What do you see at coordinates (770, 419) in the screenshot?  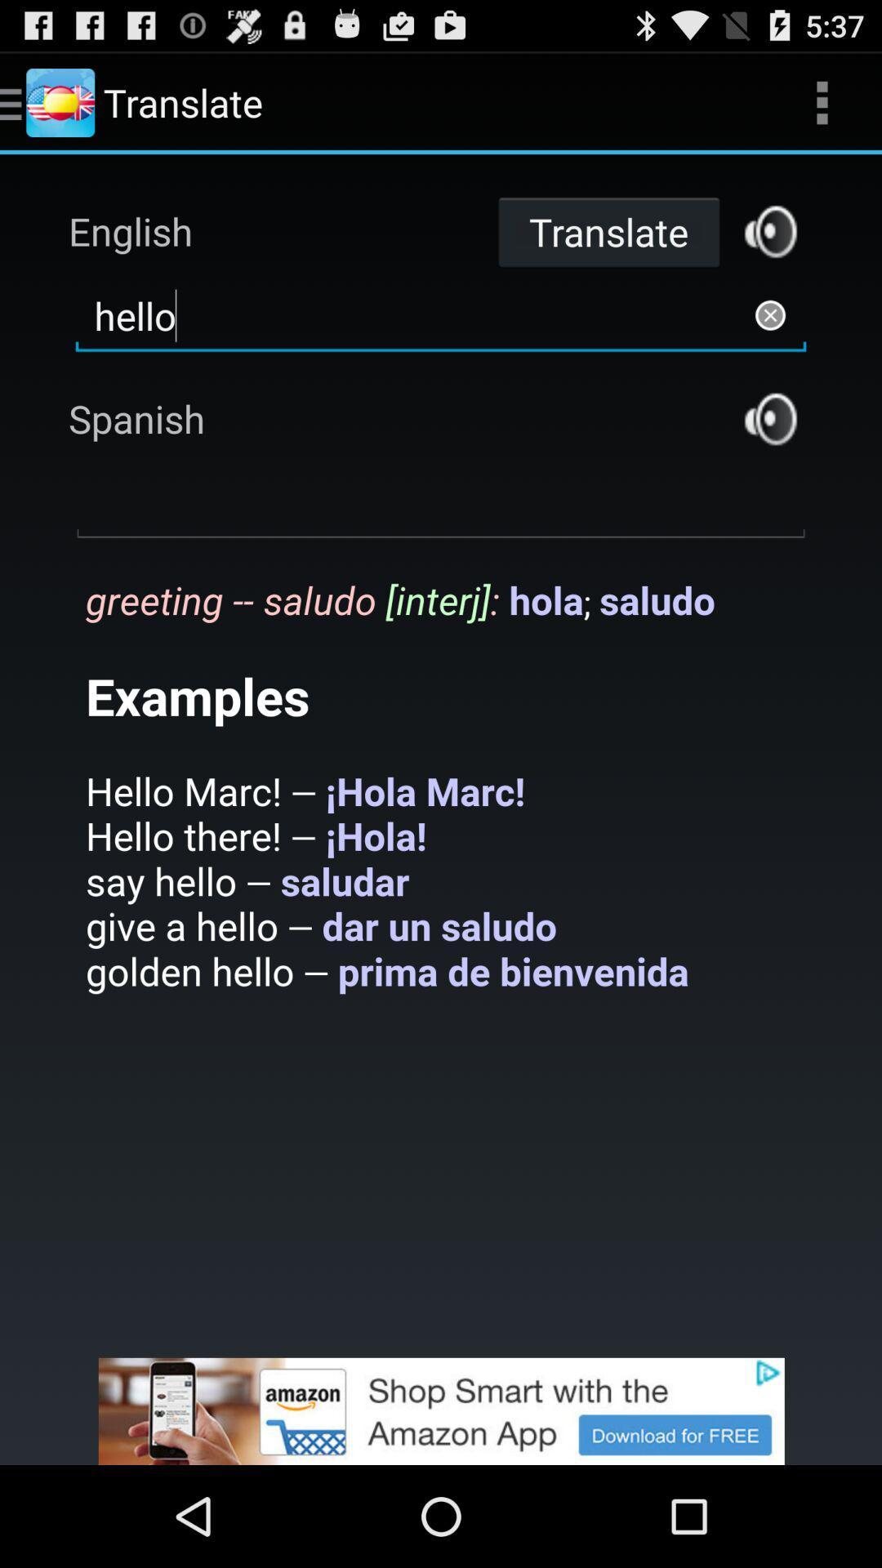 I see `switch to spanish` at bounding box center [770, 419].